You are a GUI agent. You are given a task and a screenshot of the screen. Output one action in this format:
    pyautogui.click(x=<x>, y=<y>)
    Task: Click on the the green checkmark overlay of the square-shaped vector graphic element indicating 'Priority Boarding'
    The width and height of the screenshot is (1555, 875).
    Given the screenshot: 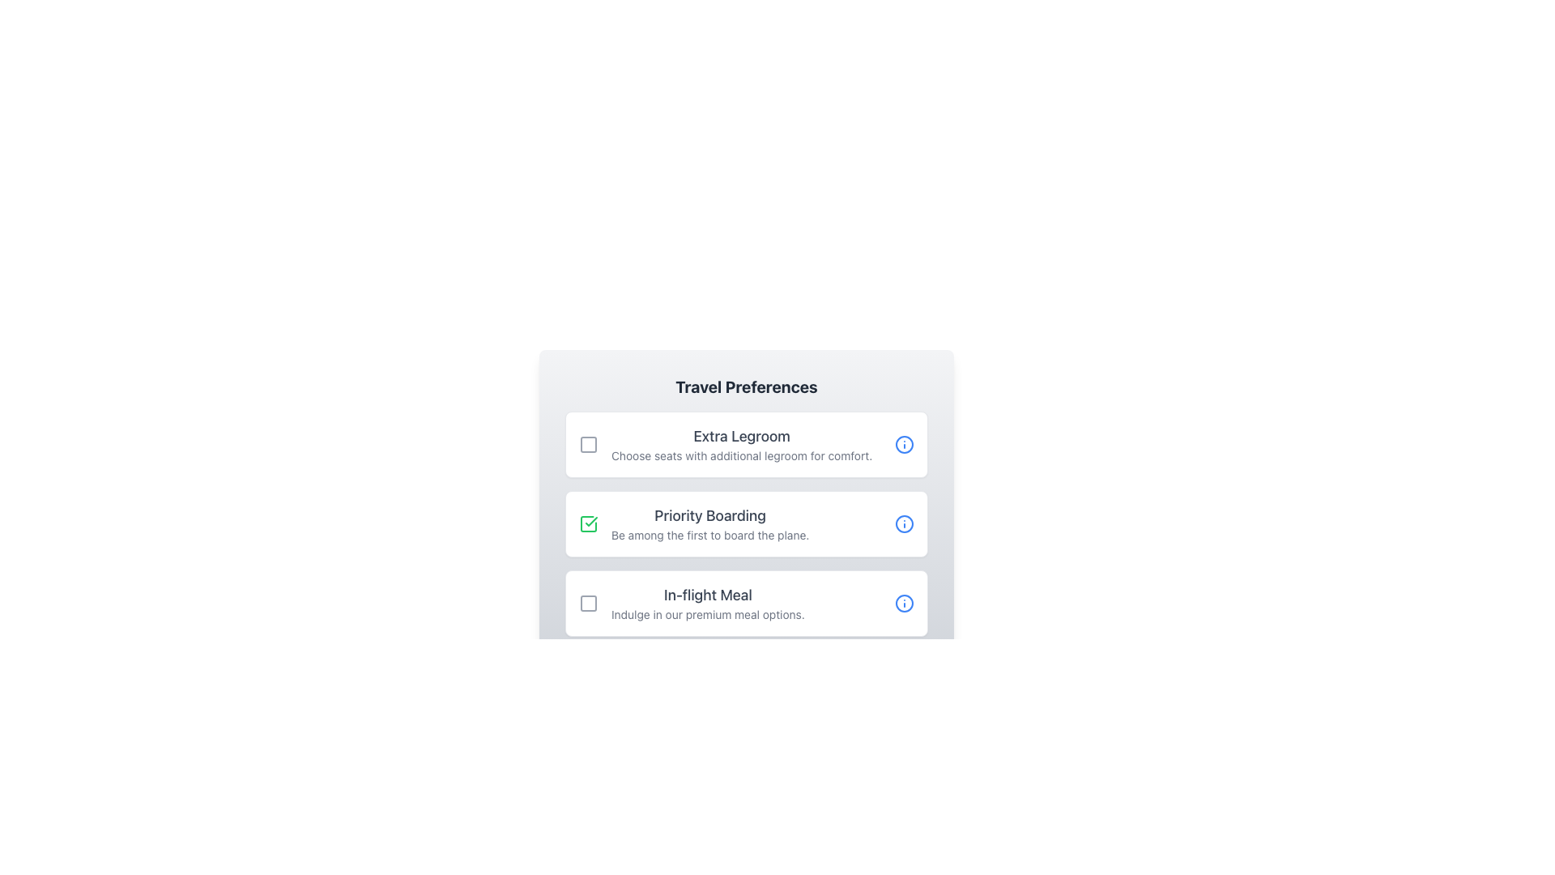 What is the action you would take?
    pyautogui.click(x=587, y=524)
    